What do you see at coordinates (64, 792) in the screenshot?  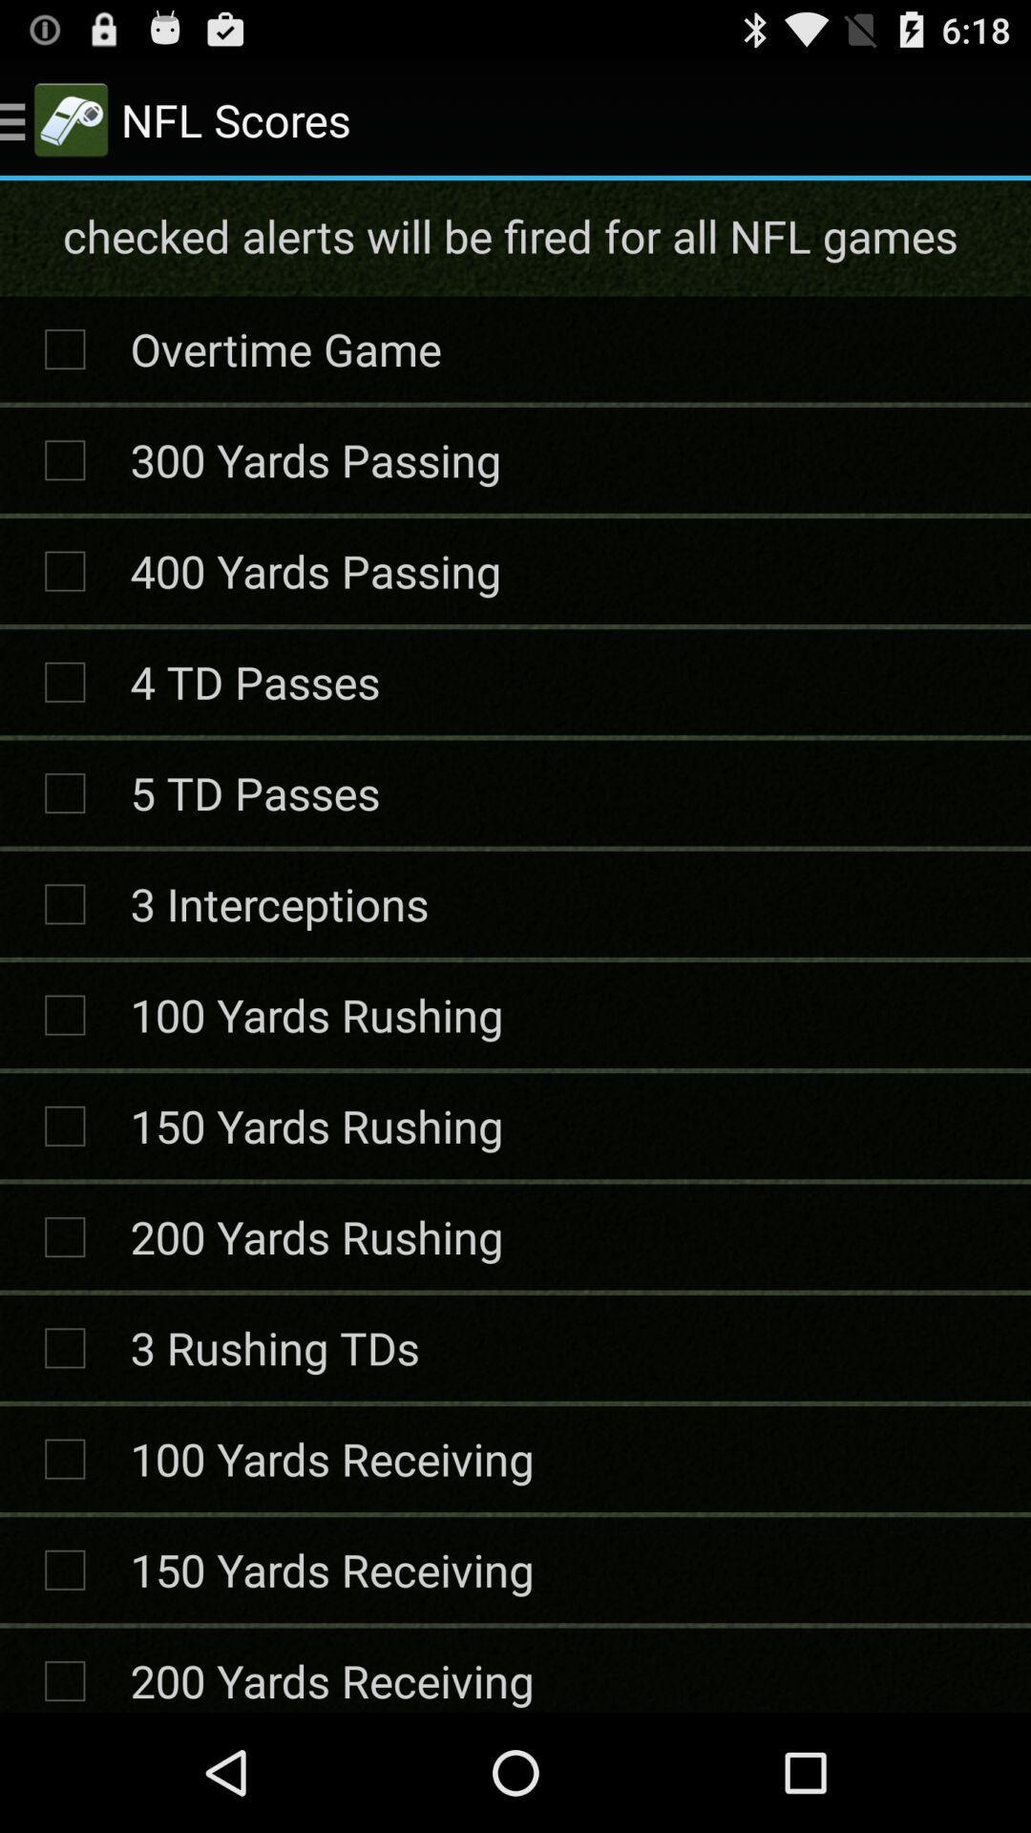 I see `the icon on the right side of 5 td passes` at bounding box center [64, 792].